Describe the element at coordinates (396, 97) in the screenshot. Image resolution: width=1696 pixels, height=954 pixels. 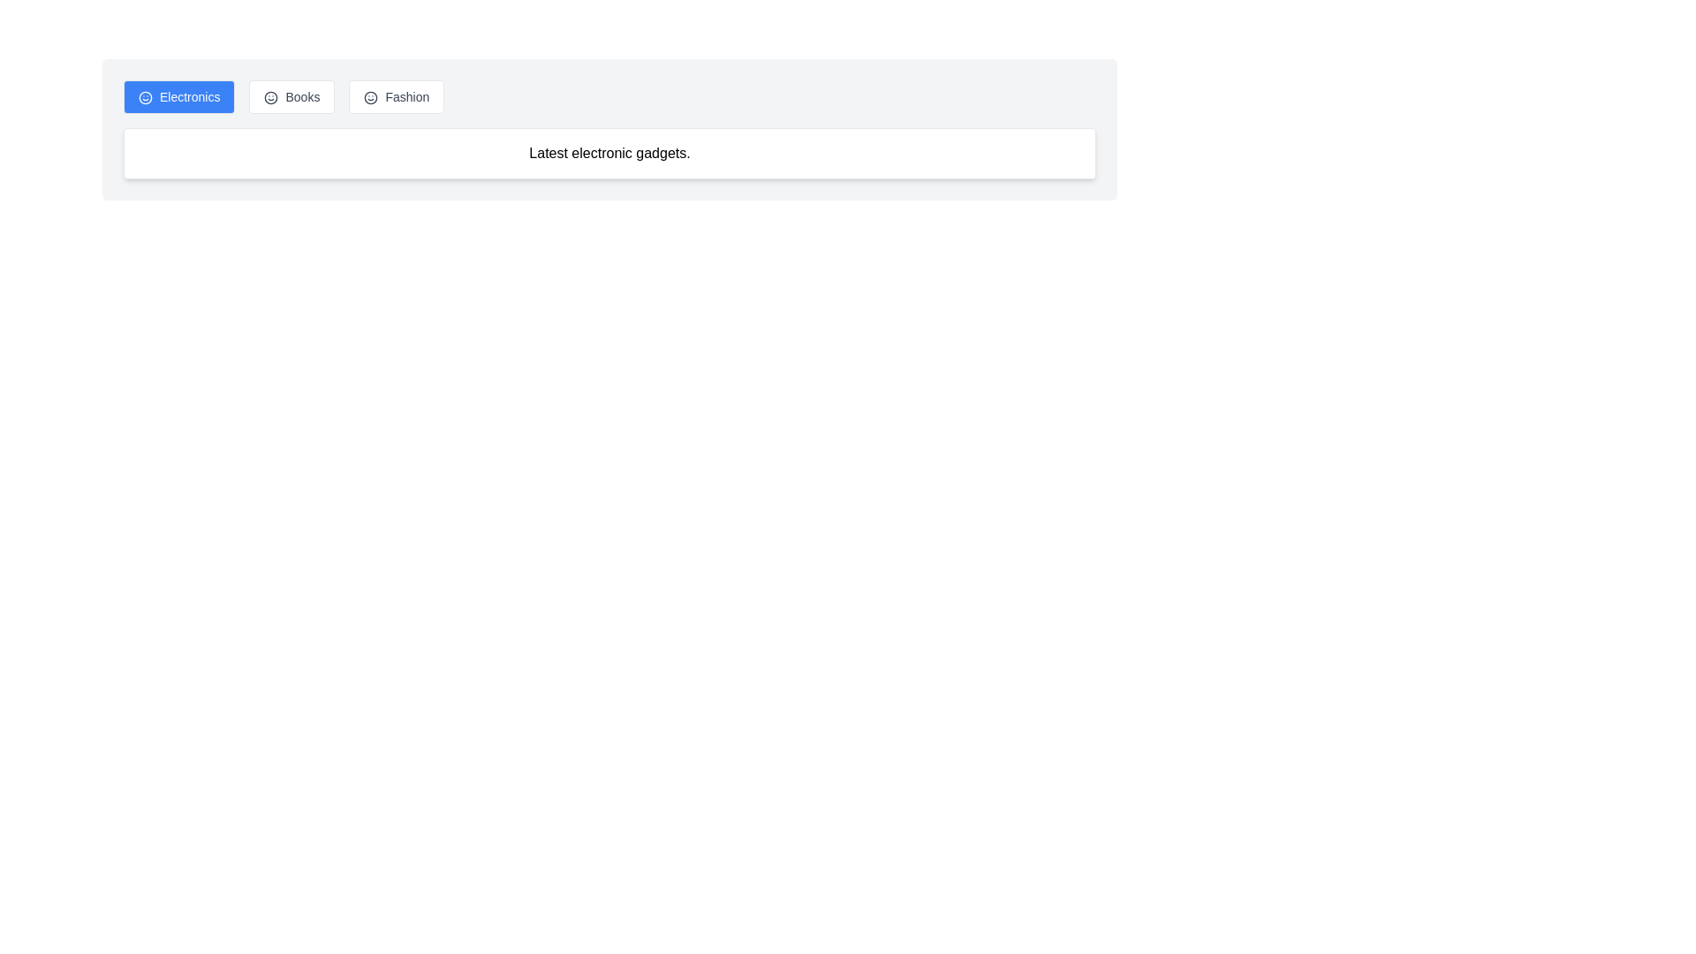
I see `the third button in the horizontal row that directs to the 'Fashion' section` at that location.